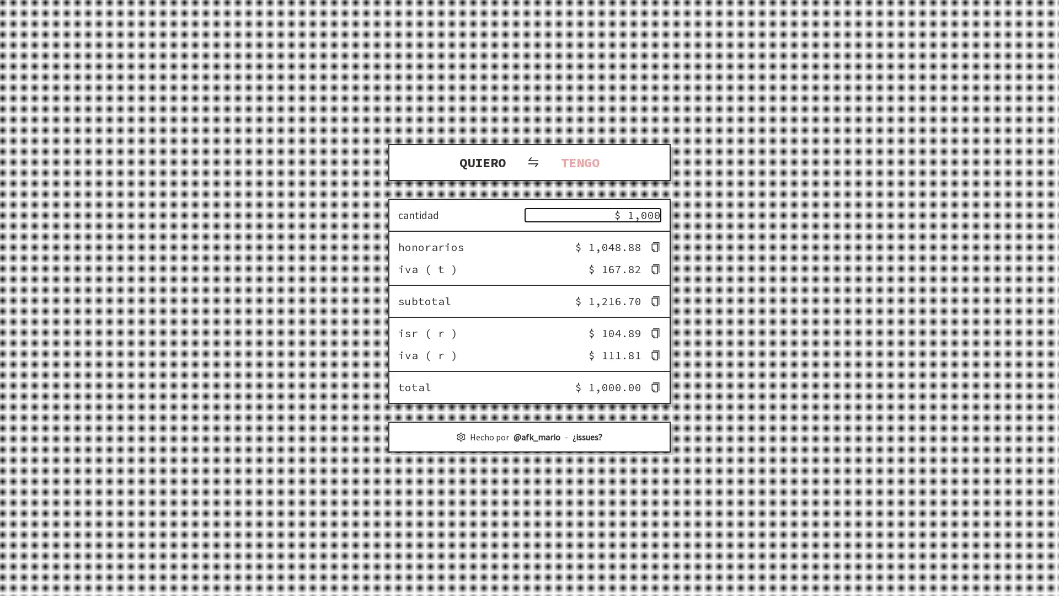 This screenshot has height=596, width=1059. Describe the element at coordinates (529, 246) in the screenshot. I see `honorarios $ 1,048.88` at that location.